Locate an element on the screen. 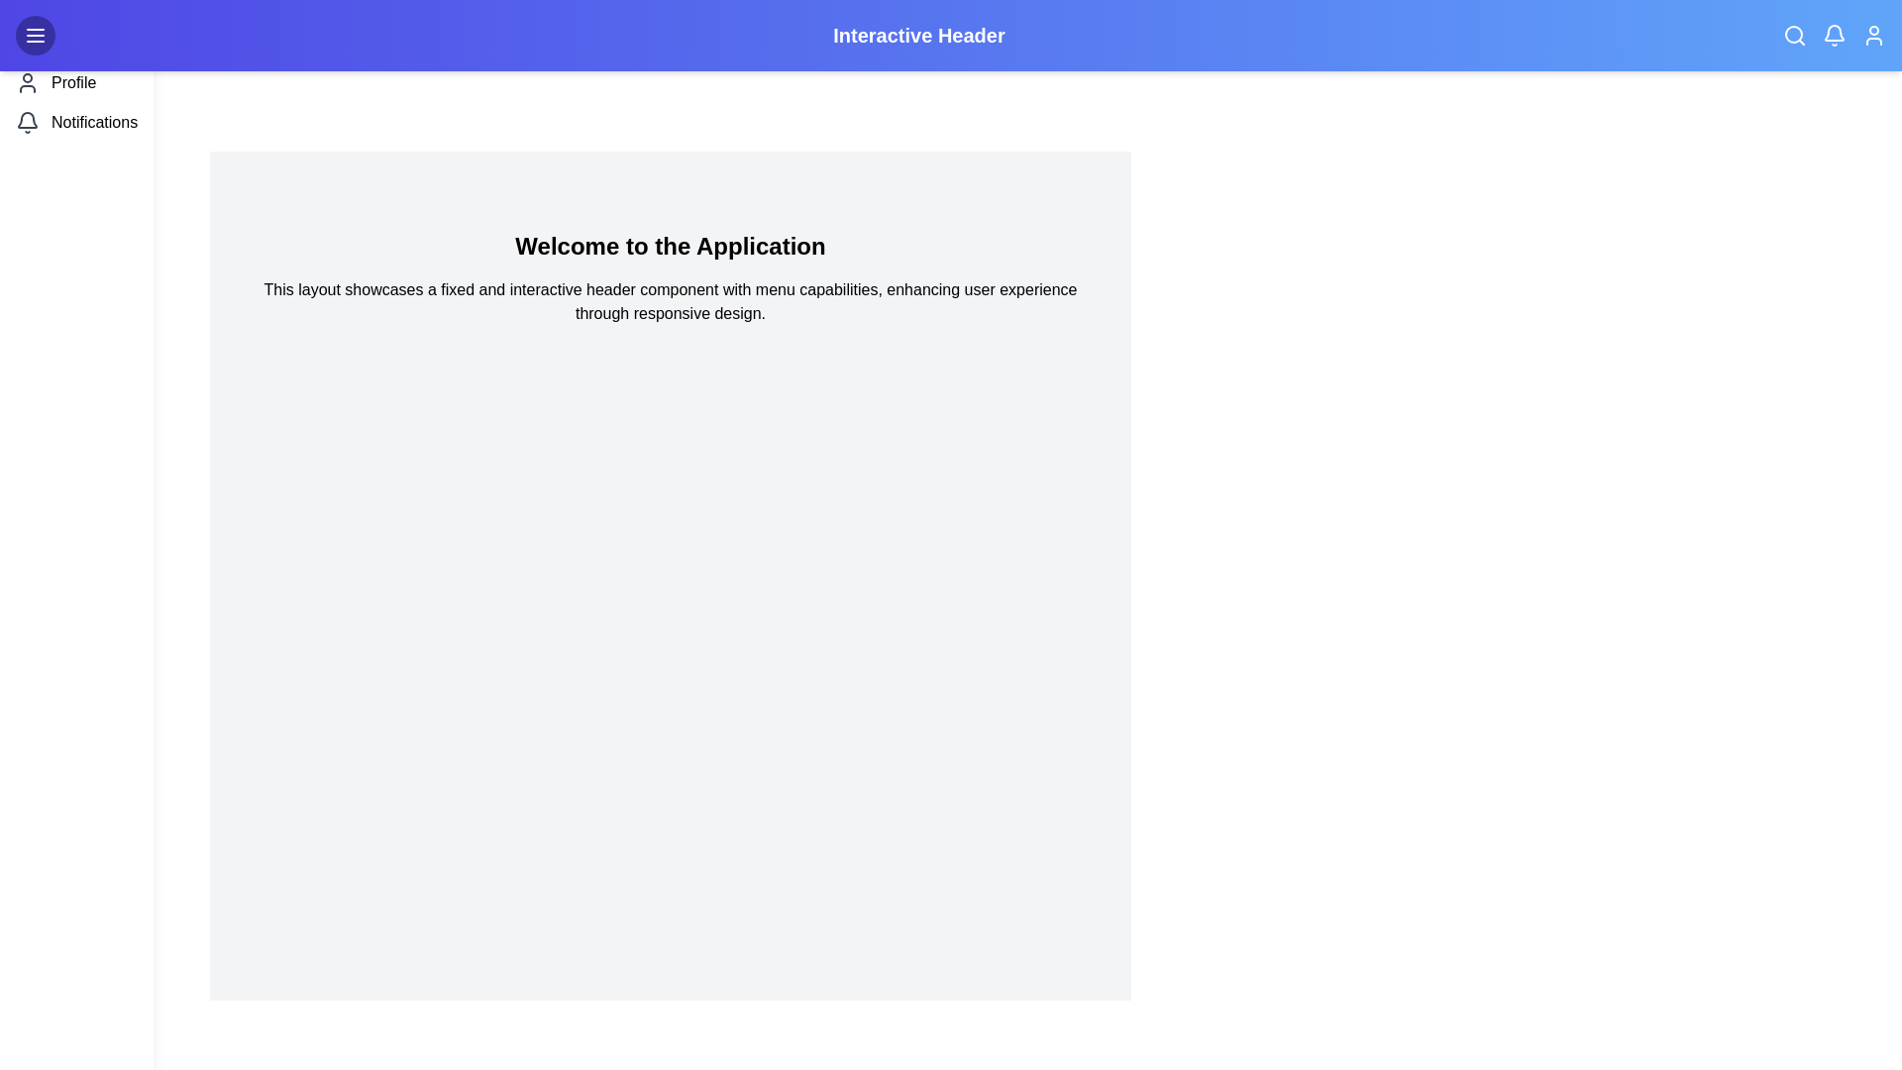 This screenshot has width=1902, height=1070. the 'Notifications' menu item in the sidebar is located at coordinates (76, 122).